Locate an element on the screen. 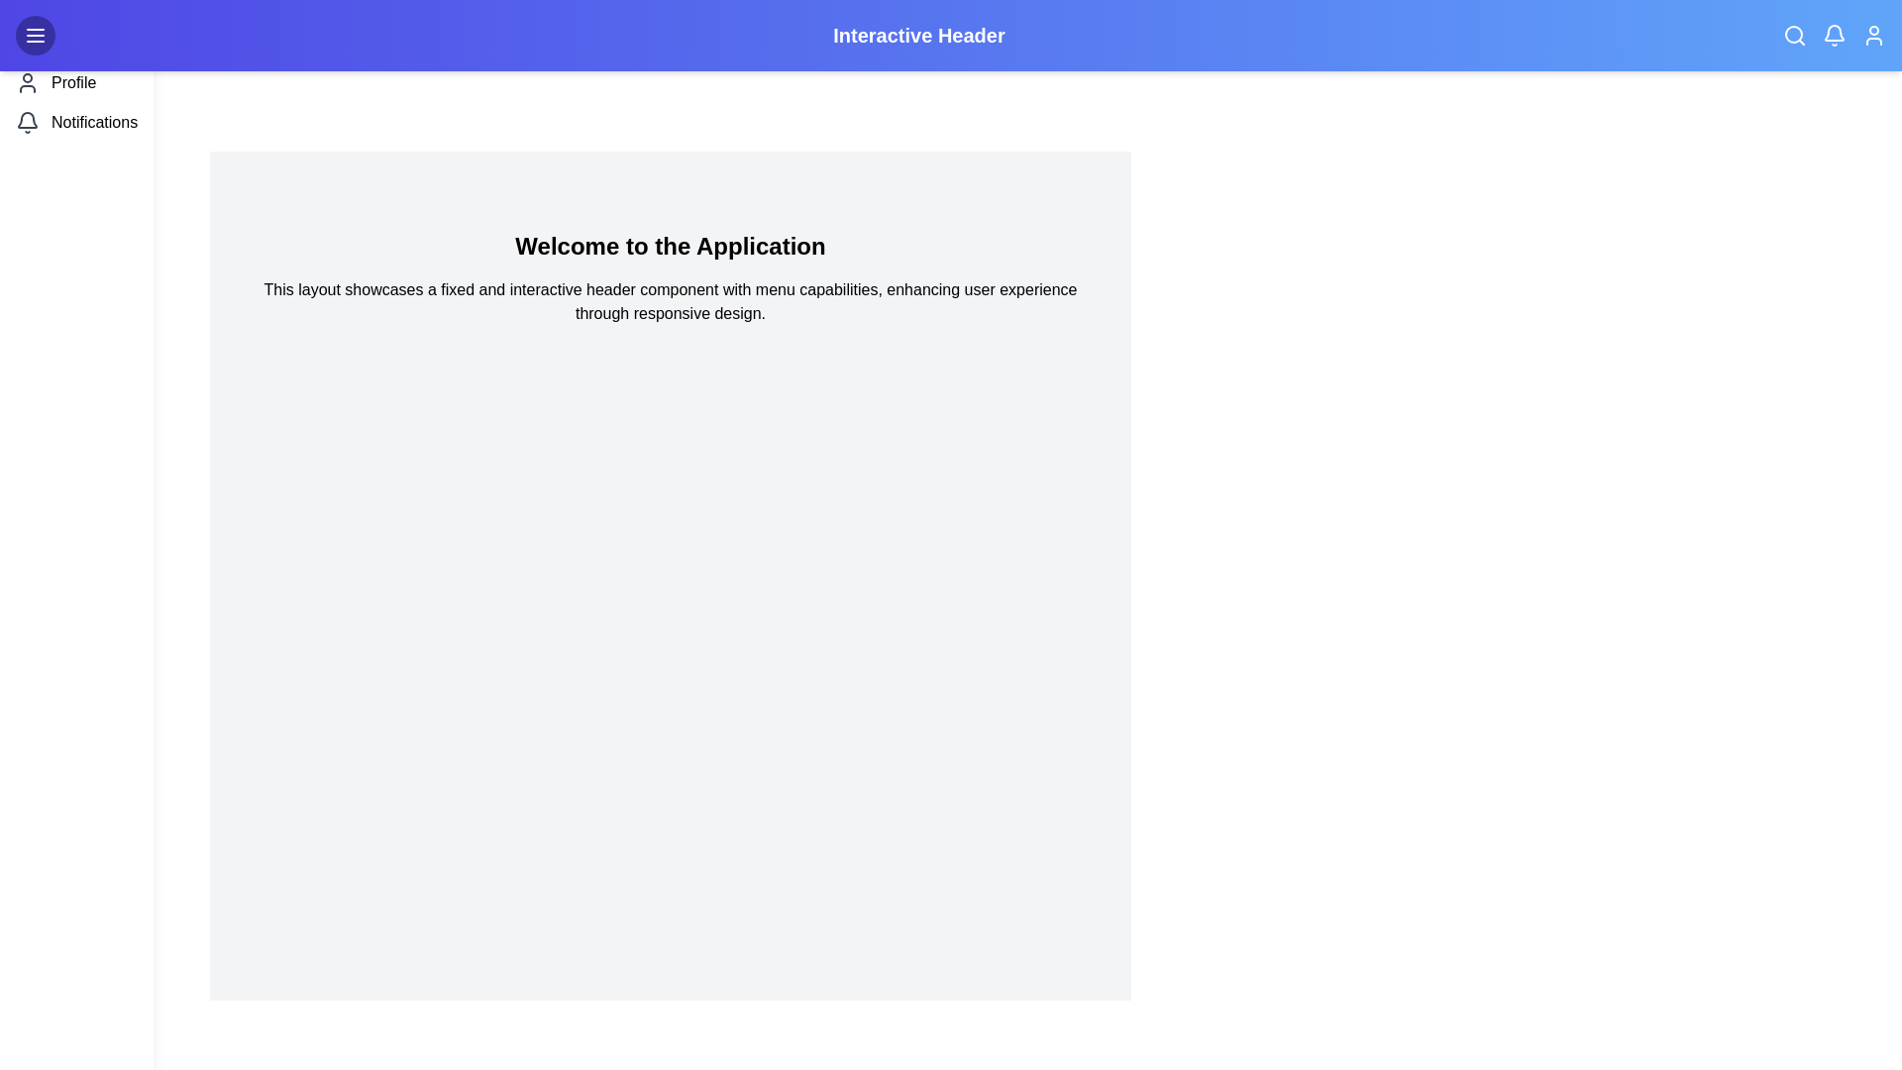 This screenshot has width=1902, height=1070. the 'Notifications' menu item in the sidebar is located at coordinates (76, 122).